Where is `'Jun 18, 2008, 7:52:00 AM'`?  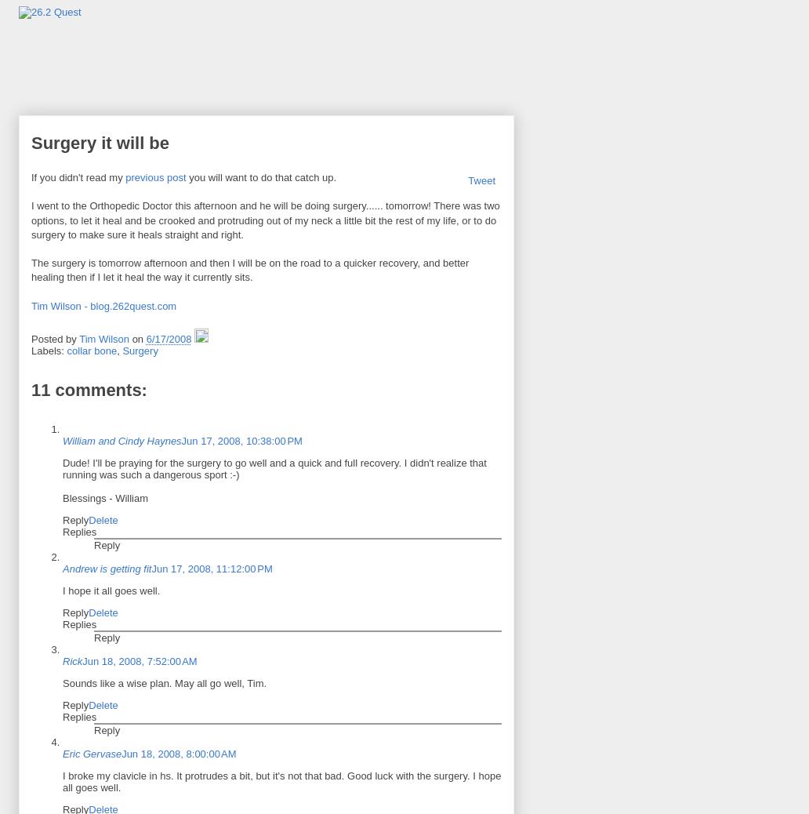
'Jun 18, 2008, 7:52:00 AM' is located at coordinates (139, 660).